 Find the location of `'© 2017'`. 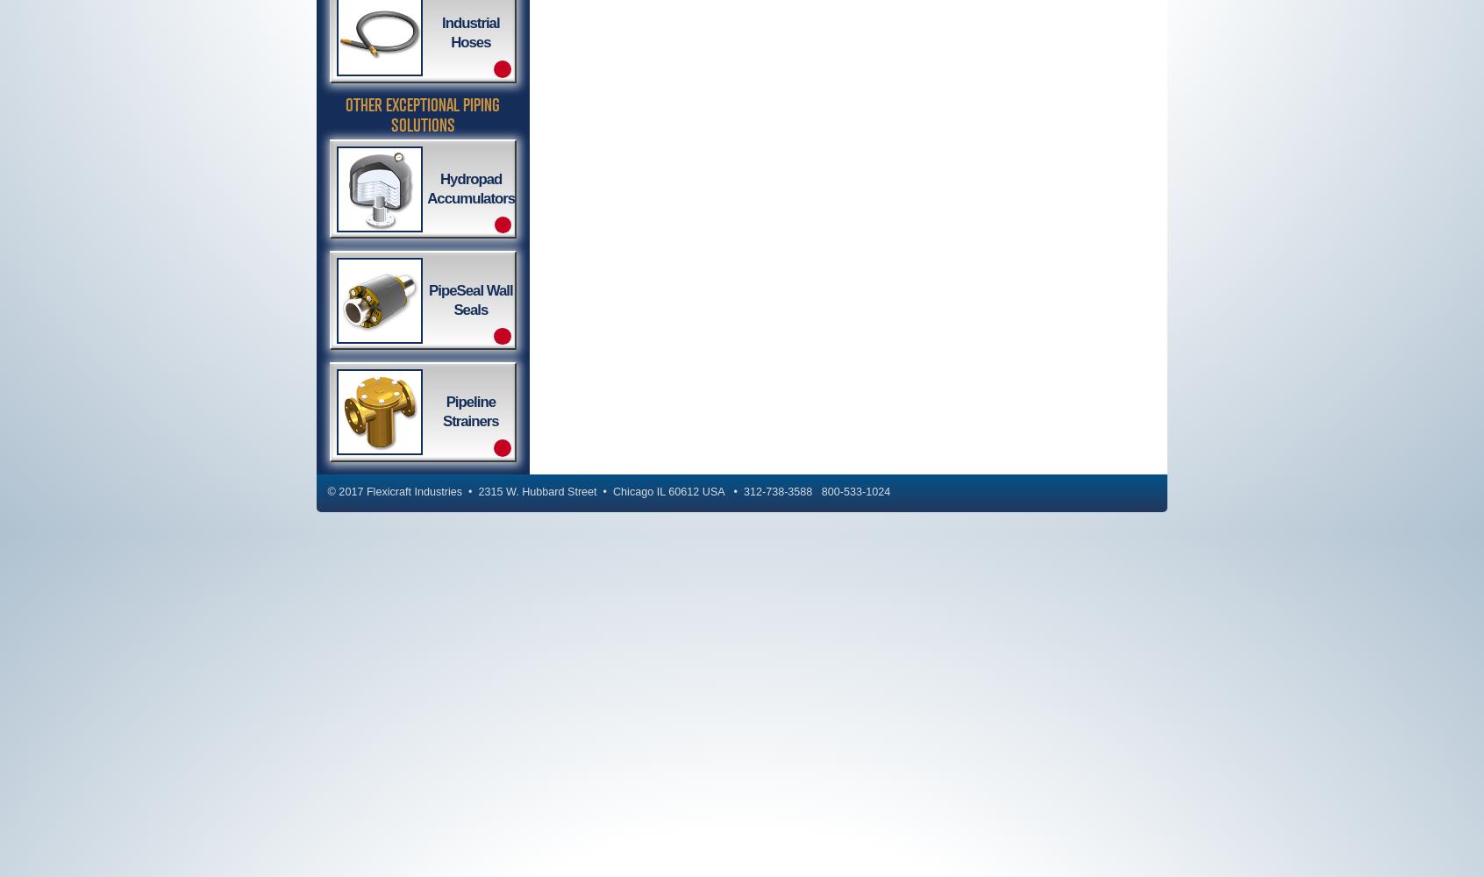

'© 2017' is located at coordinates (346, 492).